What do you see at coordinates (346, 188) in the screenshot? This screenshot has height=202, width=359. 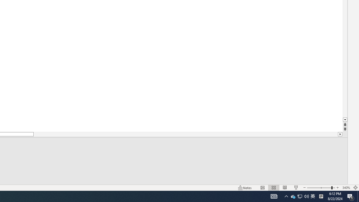 I see `'Zoom 340%'` at bounding box center [346, 188].